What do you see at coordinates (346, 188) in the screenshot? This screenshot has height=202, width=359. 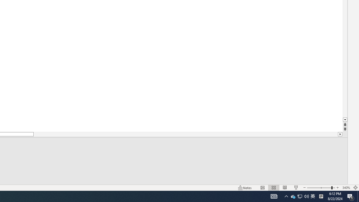 I see `'Zoom 340%'` at bounding box center [346, 188].